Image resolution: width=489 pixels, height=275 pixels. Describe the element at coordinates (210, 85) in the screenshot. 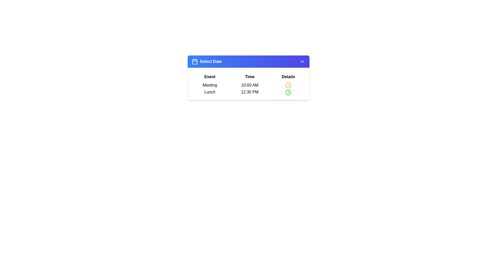

I see `the 'Meeting' text label located in the first row of the 'Event' column under the 'Select Date' section` at that location.